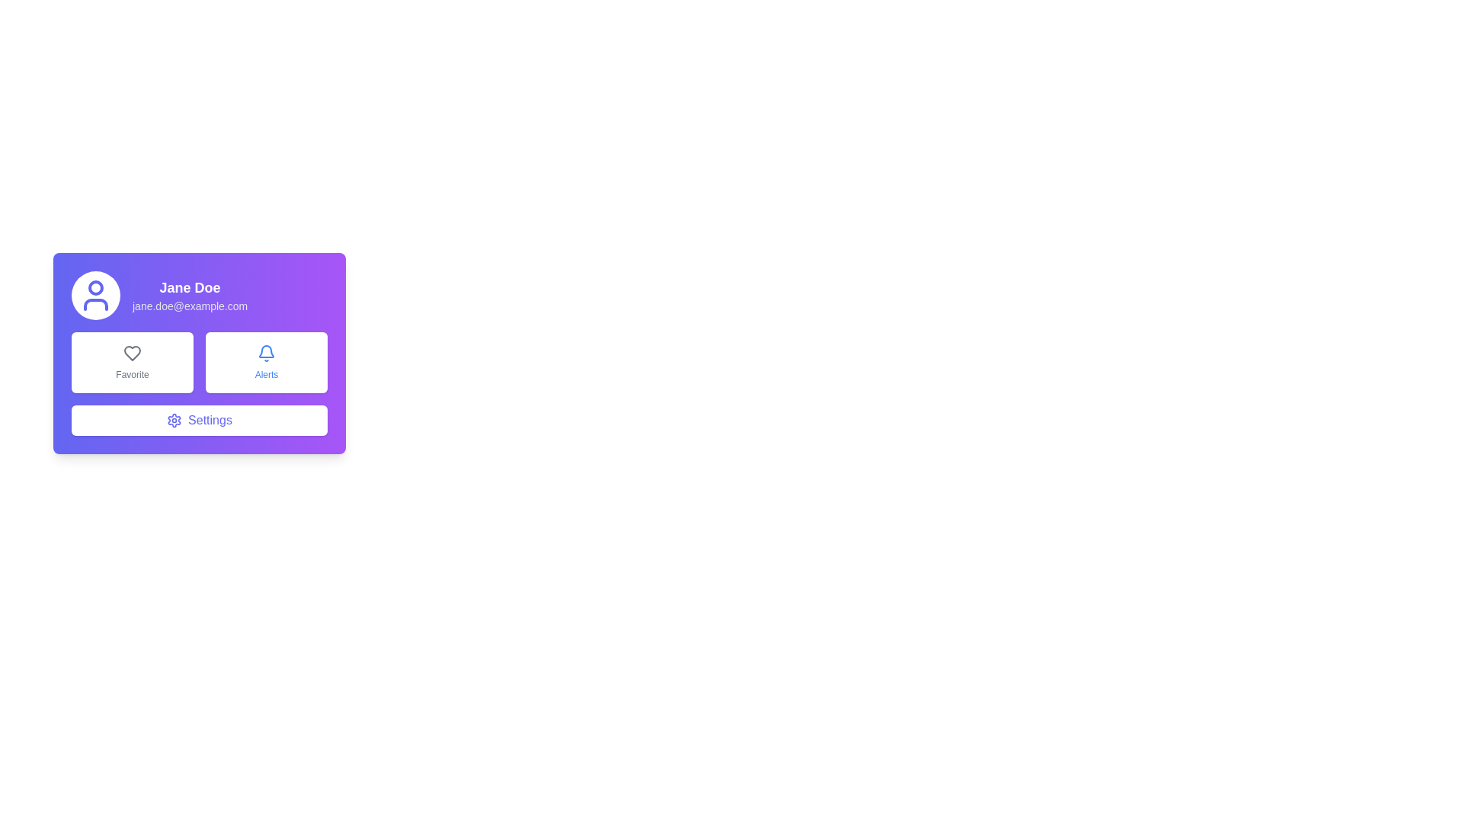 This screenshot has height=823, width=1463. Describe the element at coordinates (132, 353) in the screenshot. I see `the heart-shaped icon with a hollow center located within the 'Favorite' button, which is on the left side of the second row in the card layout` at that location.